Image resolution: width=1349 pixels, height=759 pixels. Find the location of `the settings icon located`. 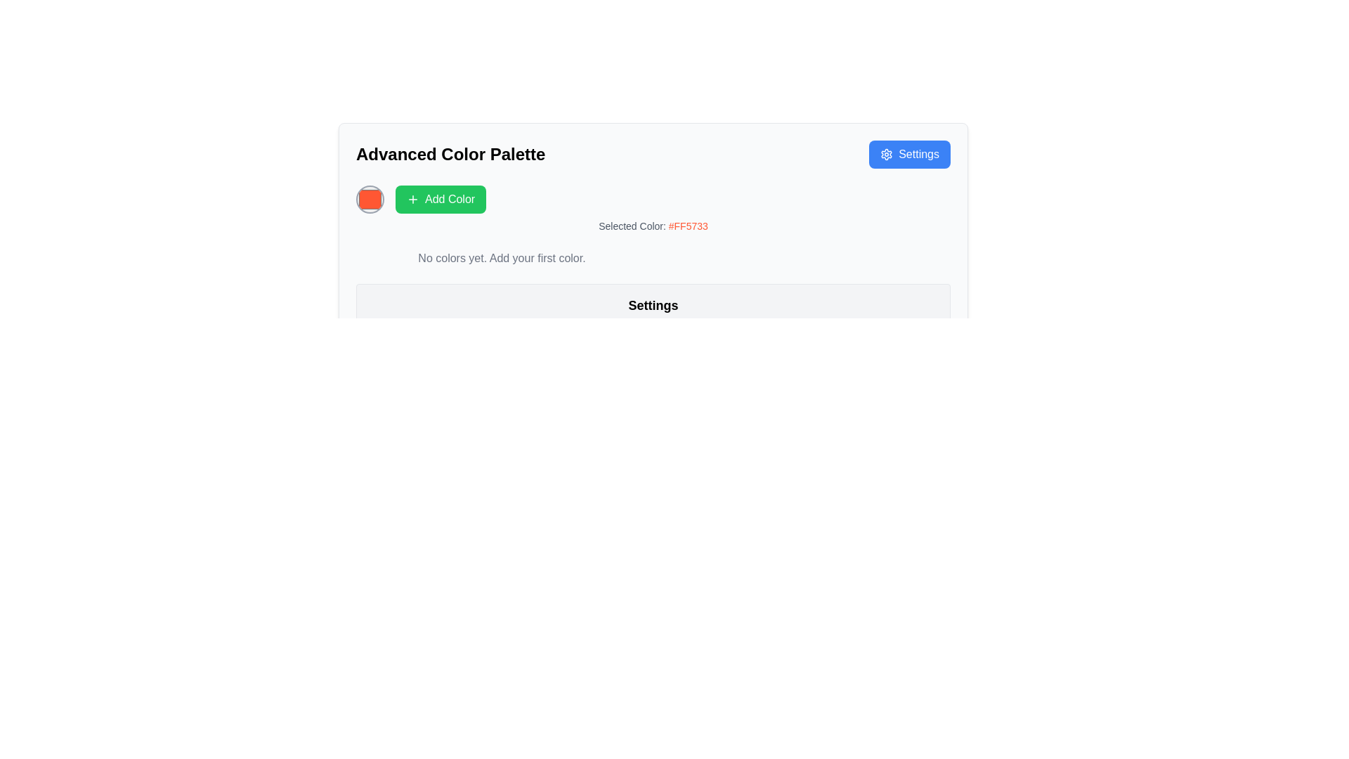

the settings icon located is located at coordinates (886, 154).